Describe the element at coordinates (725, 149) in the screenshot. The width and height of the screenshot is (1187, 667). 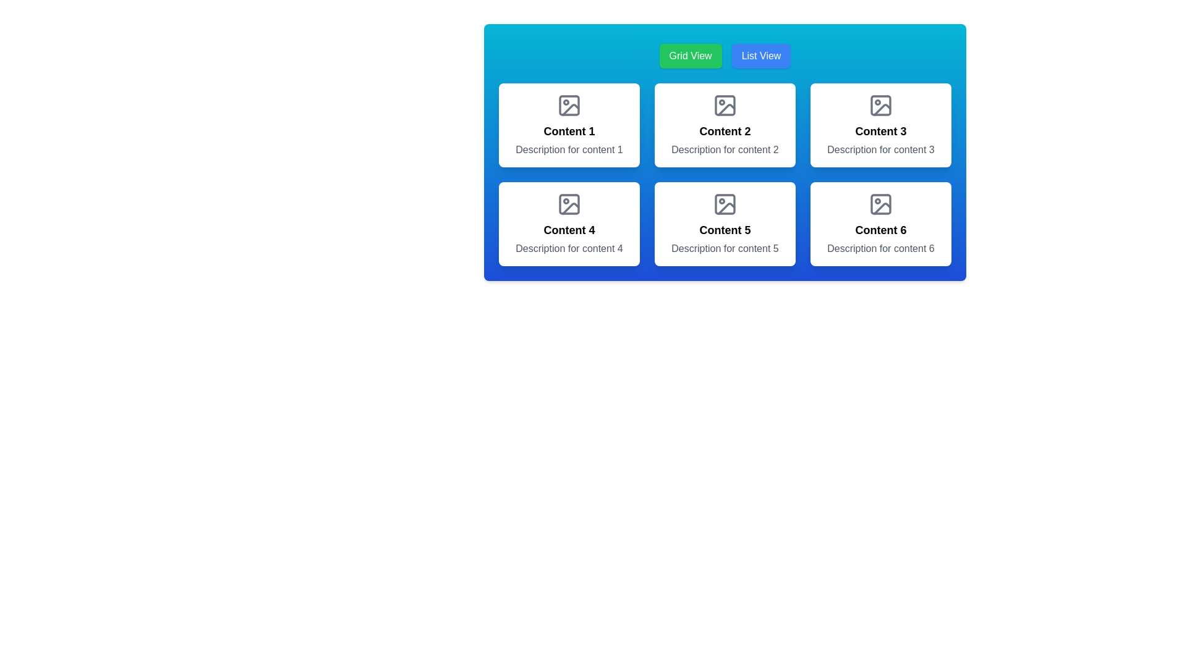
I see `the text label element that provides descriptive information for 'Content 2', located directly beneath the title` at that location.